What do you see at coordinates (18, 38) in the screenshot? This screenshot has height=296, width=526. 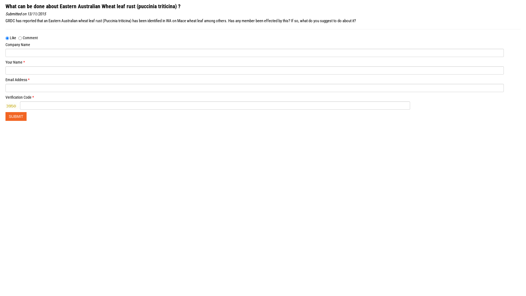 I see `'Comment'` at bounding box center [18, 38].